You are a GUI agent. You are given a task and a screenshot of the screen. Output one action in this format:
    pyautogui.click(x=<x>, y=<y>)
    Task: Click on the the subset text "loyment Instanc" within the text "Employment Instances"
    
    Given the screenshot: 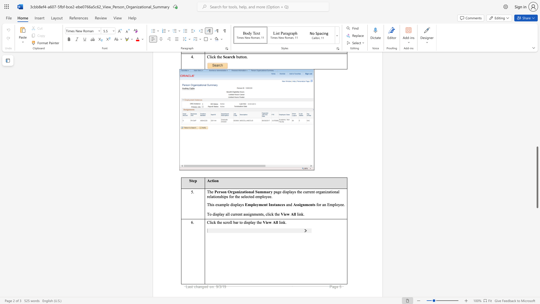 What is the action you would take?
    pyautogui.click(x=253, y=205)
    